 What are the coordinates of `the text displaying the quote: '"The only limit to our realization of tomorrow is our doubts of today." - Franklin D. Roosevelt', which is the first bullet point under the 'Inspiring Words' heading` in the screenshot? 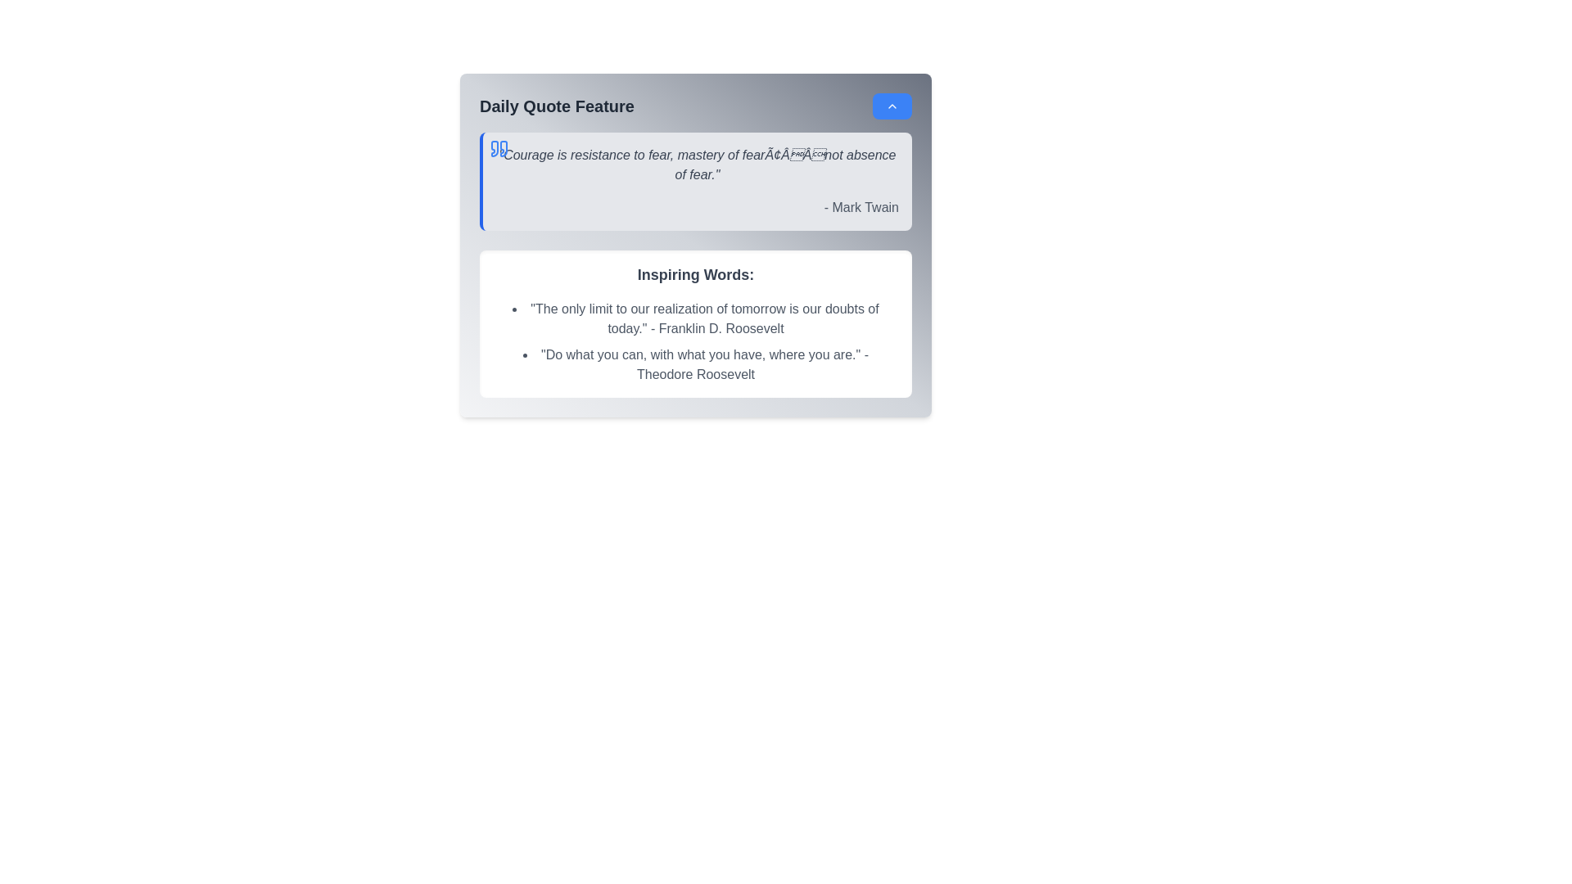 It's located at (695, 318).